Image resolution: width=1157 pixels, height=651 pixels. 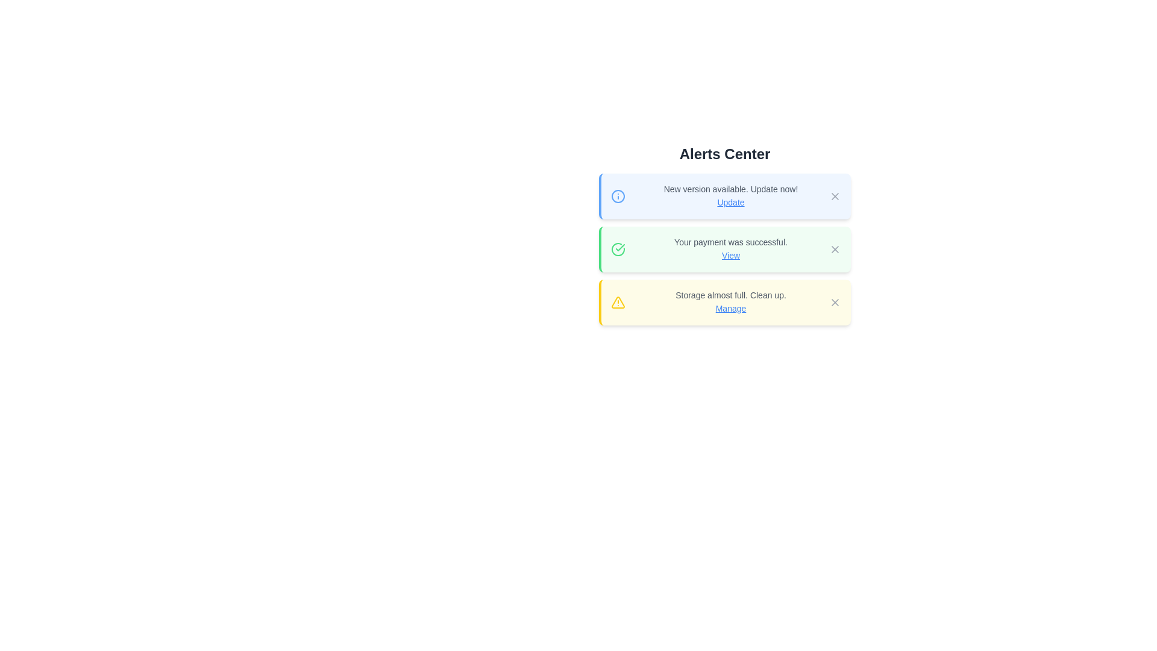 I want to click on the close icon located in the second alert box, aligned to the right-hand side, so click(x=835, y=248).